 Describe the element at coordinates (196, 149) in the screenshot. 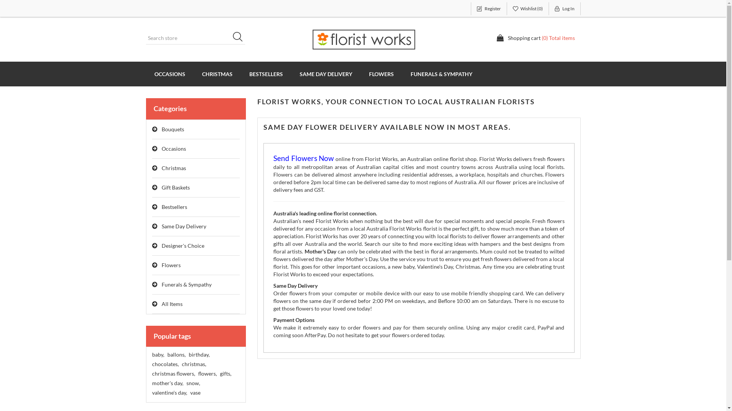

I see `'Occasions'` at that location.